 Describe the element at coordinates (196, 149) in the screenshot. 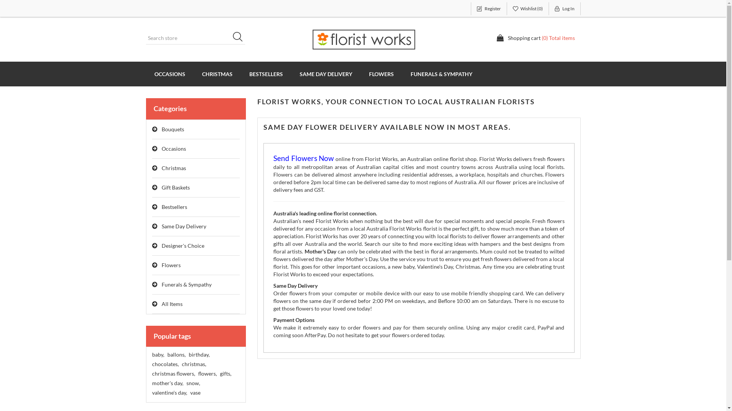

I see `'Occasions'` at that location.